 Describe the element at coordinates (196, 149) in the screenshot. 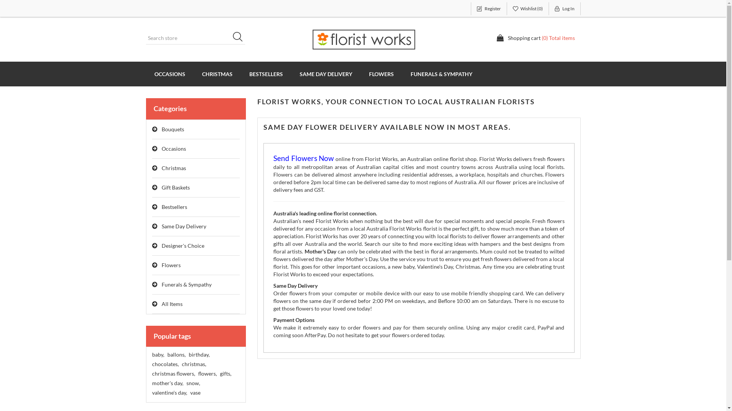

I see `'Occasions'` at that location.